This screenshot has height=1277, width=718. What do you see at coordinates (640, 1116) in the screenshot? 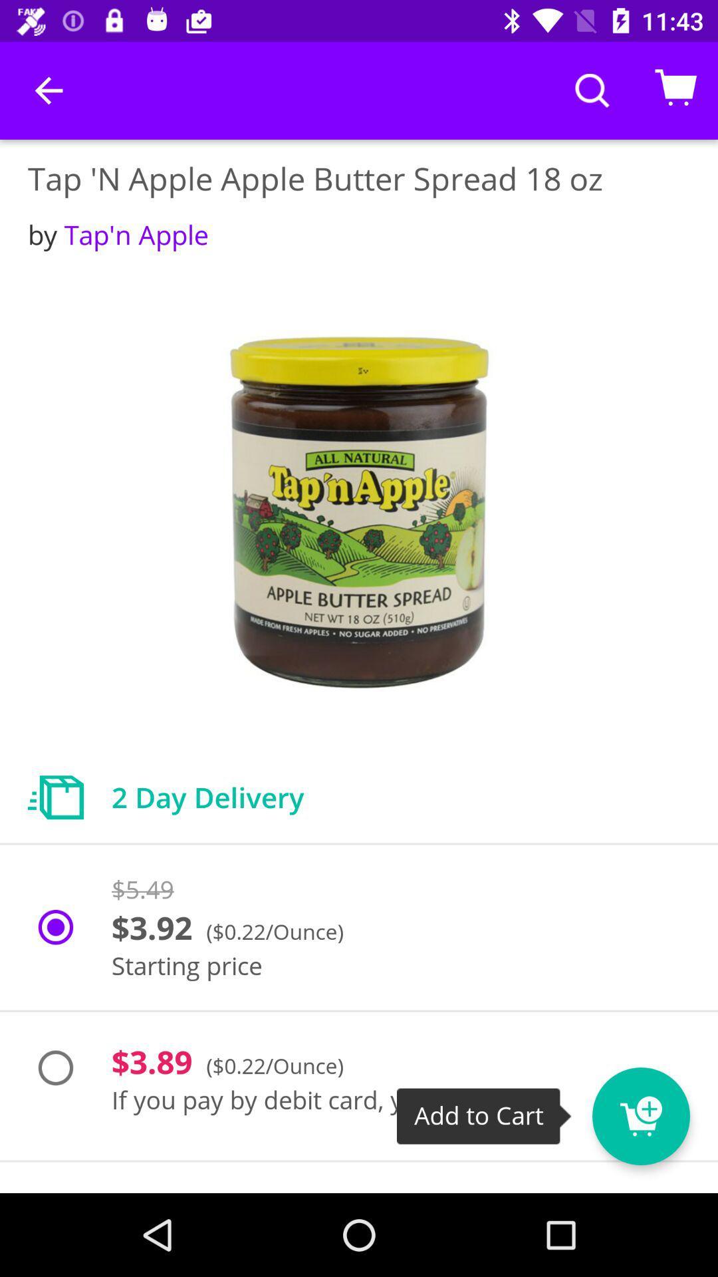
I see `item to the right of the add to cart item` at bounding box center [640, 1116].